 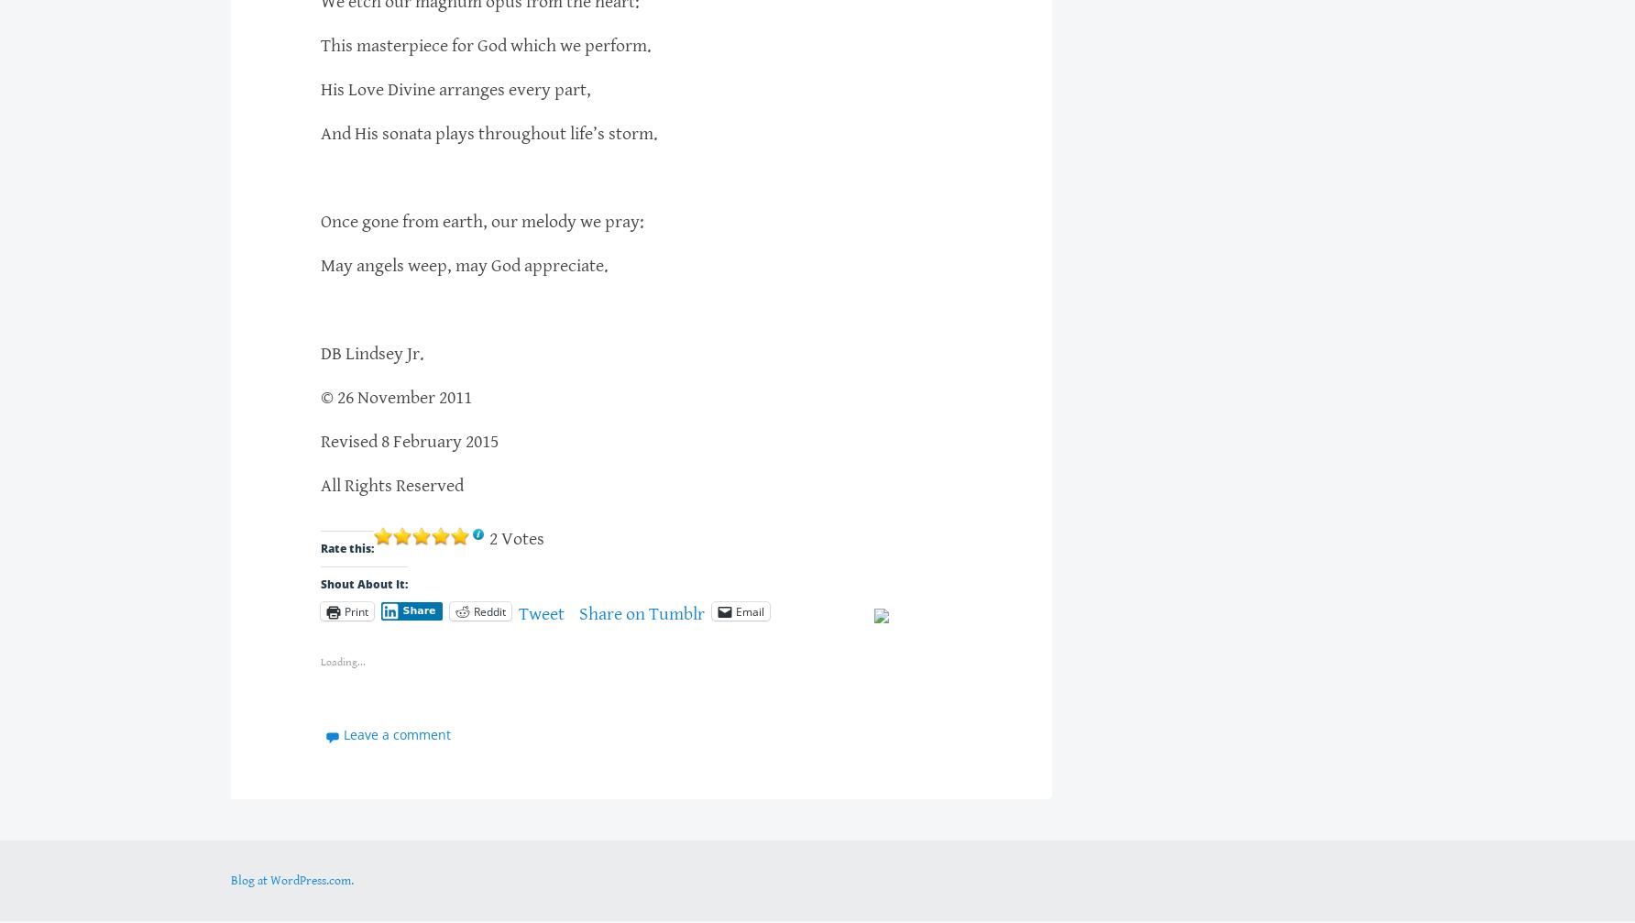 I want to click on '© 26 November 2011', so click(x=395, y=397).